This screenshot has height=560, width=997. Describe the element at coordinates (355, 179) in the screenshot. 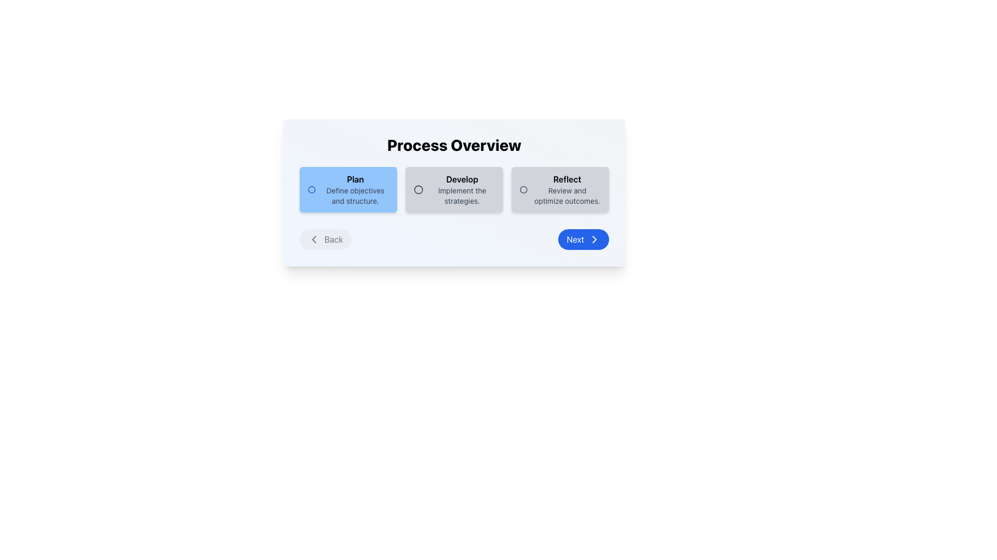

I see `the text element displaying the word 'Plan', which is styled with a bold font and positioned on a light blue background at the top of the leftmost card under the 'Process Overview' heading` at that location.